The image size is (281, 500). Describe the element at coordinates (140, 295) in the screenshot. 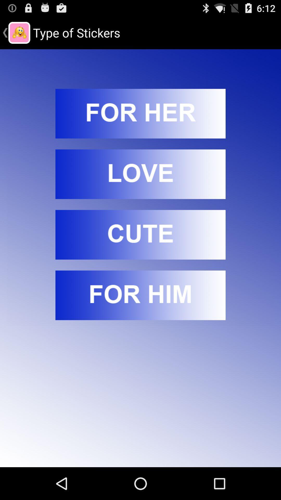

I see `a button` at that location.